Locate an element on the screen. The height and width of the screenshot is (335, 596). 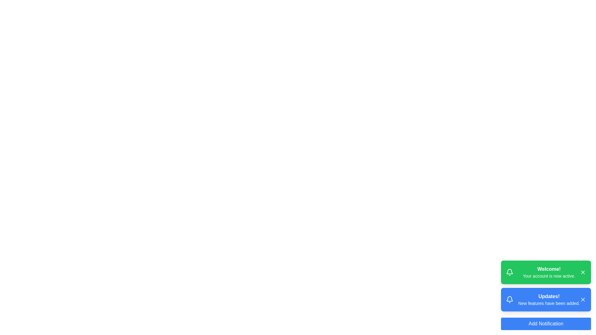
close button of the notification with title Updates! is located at coordinates (582, 299).